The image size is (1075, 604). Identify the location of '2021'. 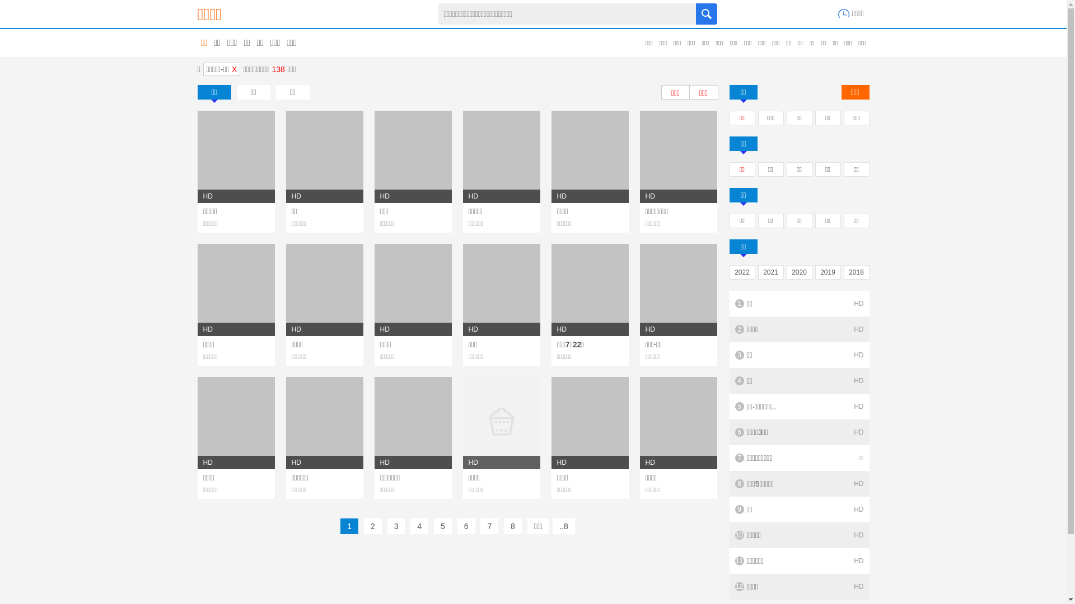
(770, 272).